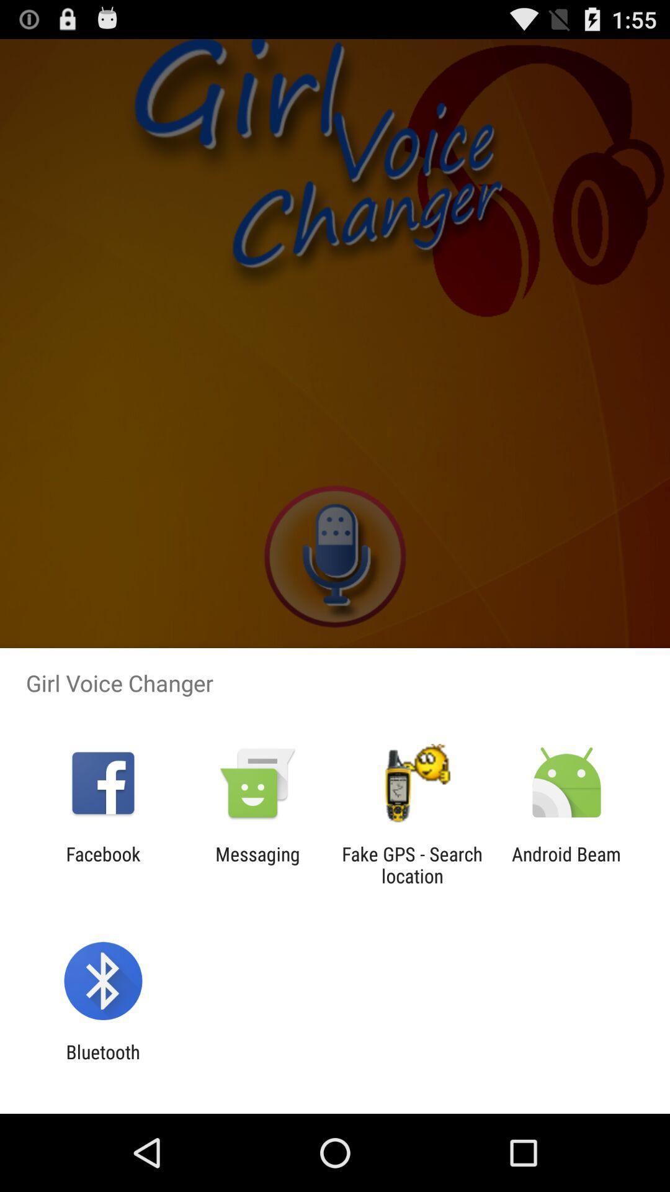  What do you see at coordinates (566, 864) in the screenshot?
I see `the item to the right of the fake gps search app` at bounding box center [566, 864].